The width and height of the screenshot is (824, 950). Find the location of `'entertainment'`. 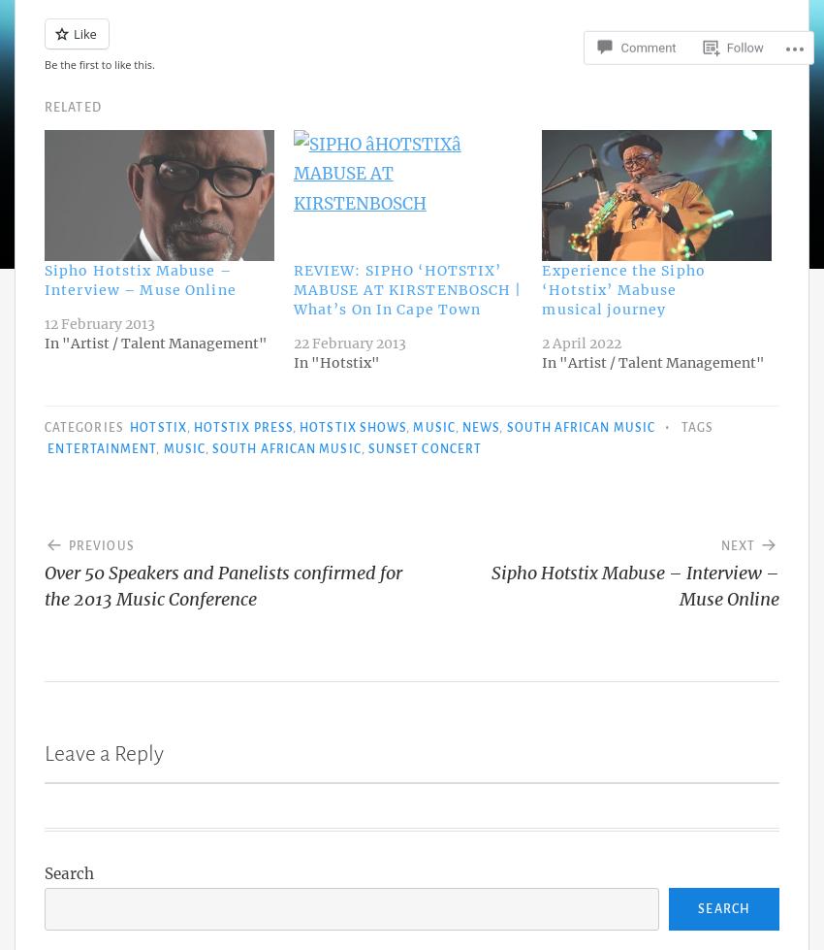

'entertainment' is located at coordinates (100, 448).